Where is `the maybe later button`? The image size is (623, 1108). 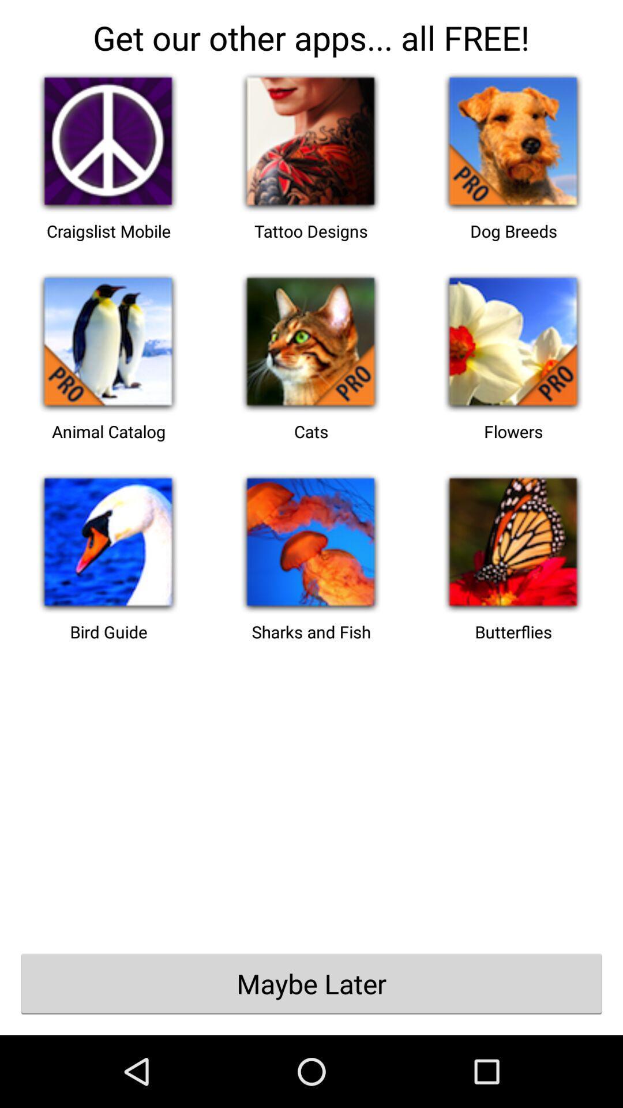 the maybe later button is located at coordinates (311, 983).